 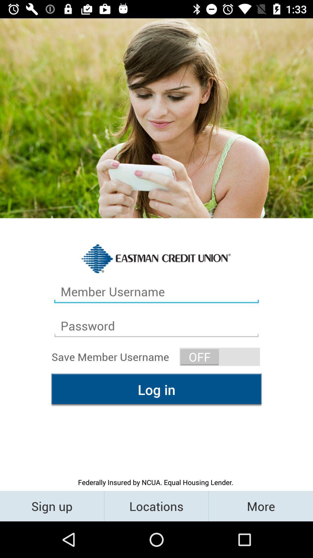 What do you see at coordinates (156, 389) in the screenshot?
I see `the icon above the federally insured by` at bounding box center [156, 389].